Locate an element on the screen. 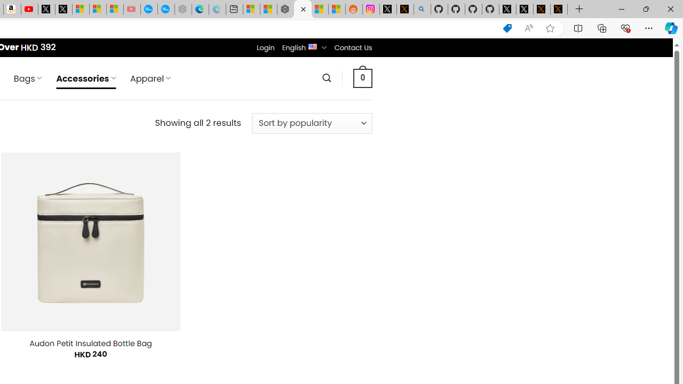  'Shop order' is located at coordinates (311, 123).